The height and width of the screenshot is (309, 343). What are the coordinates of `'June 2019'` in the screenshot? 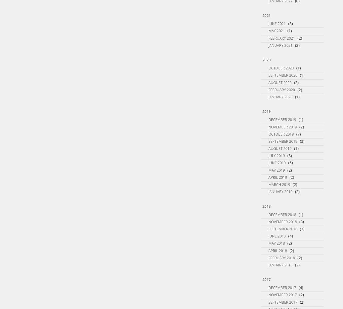 It's located at (277, 163).